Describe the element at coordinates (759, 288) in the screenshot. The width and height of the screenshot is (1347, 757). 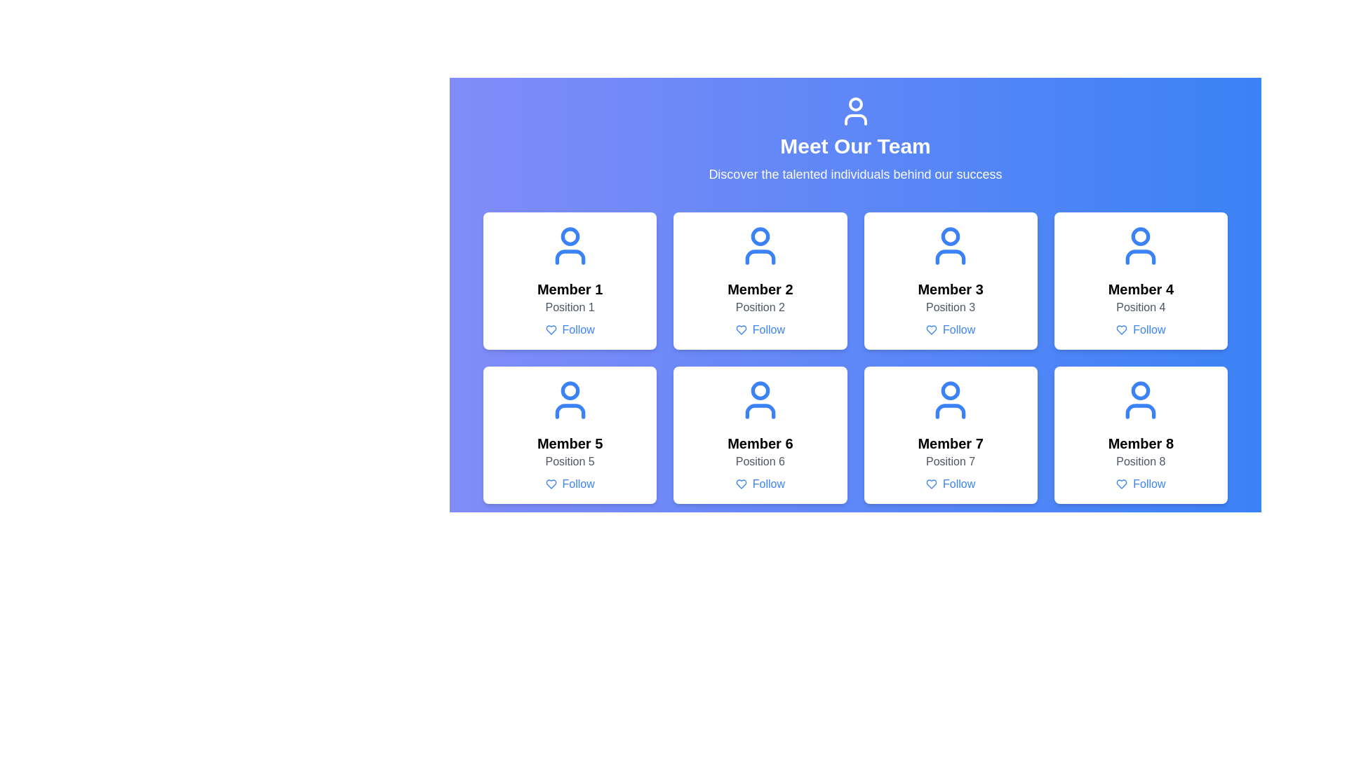
I see `the text label displaying 'Member 2', which is prominently styled in bold font and part of the card for the team member in the grid layout` at that location.